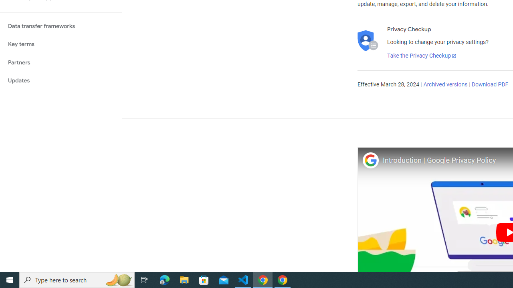 The height and width of the screenshot is (288, 513). I want to click on 'Archived versions', so click(445, 85).